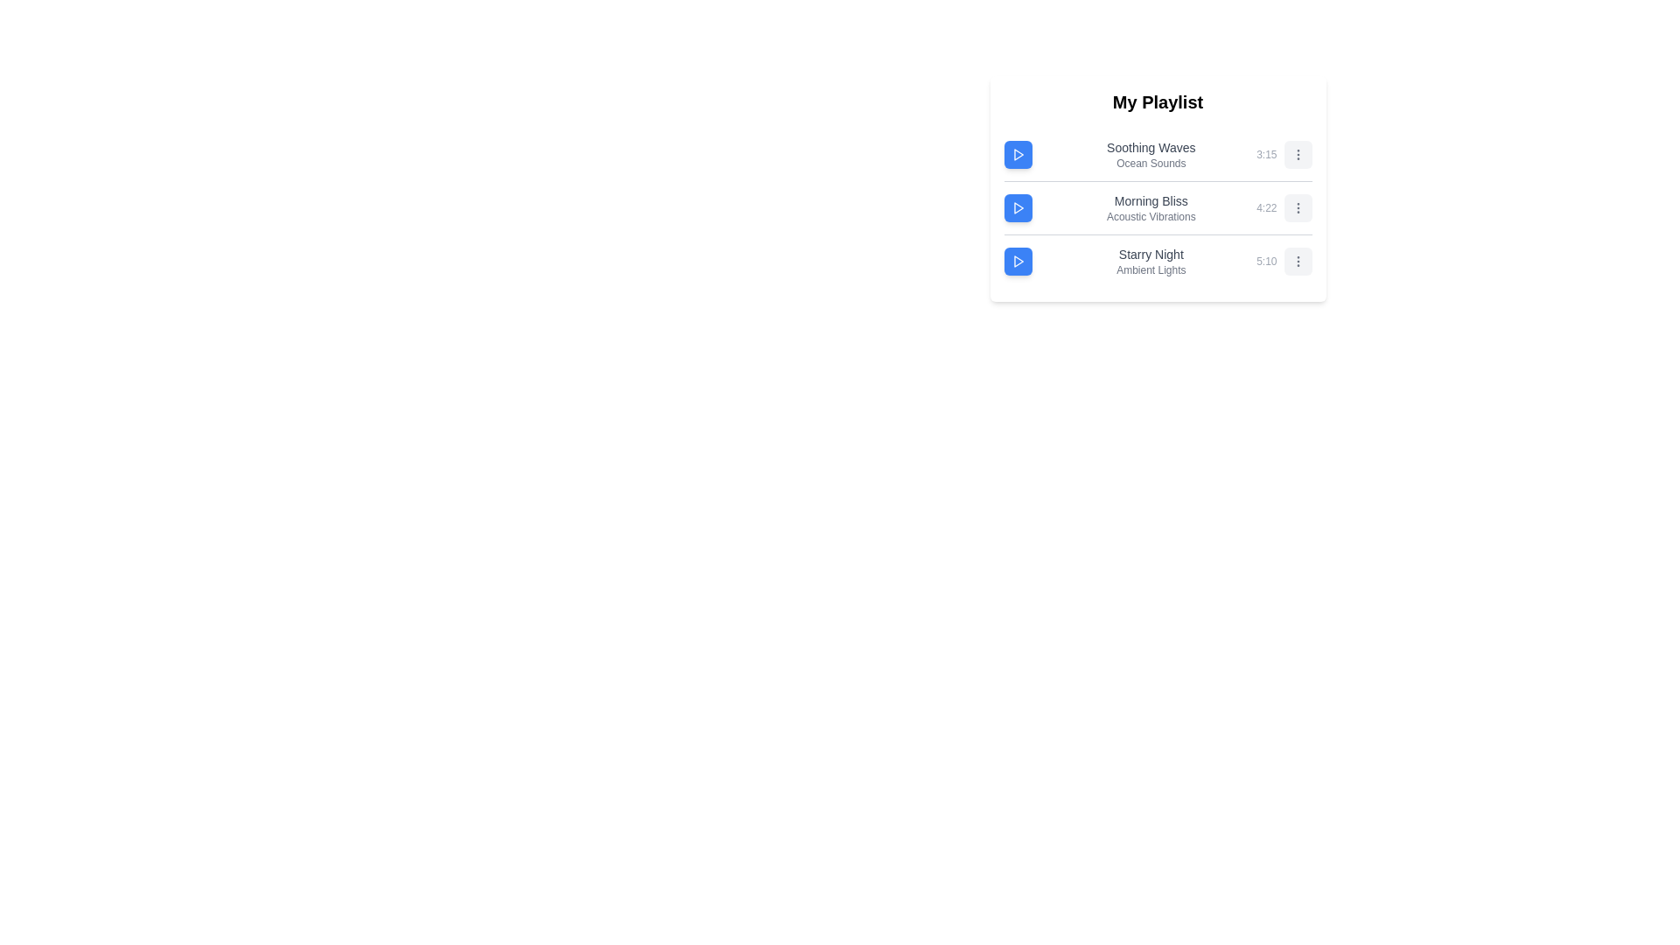 The height and width of the screenshot is (945, 1680). I want to click on the title text label for the playlist item located in the 'My Playlist' interface, positioned above the 'Acoustic Vibrations' text and aligned with the left play button, so click(1151, 200).